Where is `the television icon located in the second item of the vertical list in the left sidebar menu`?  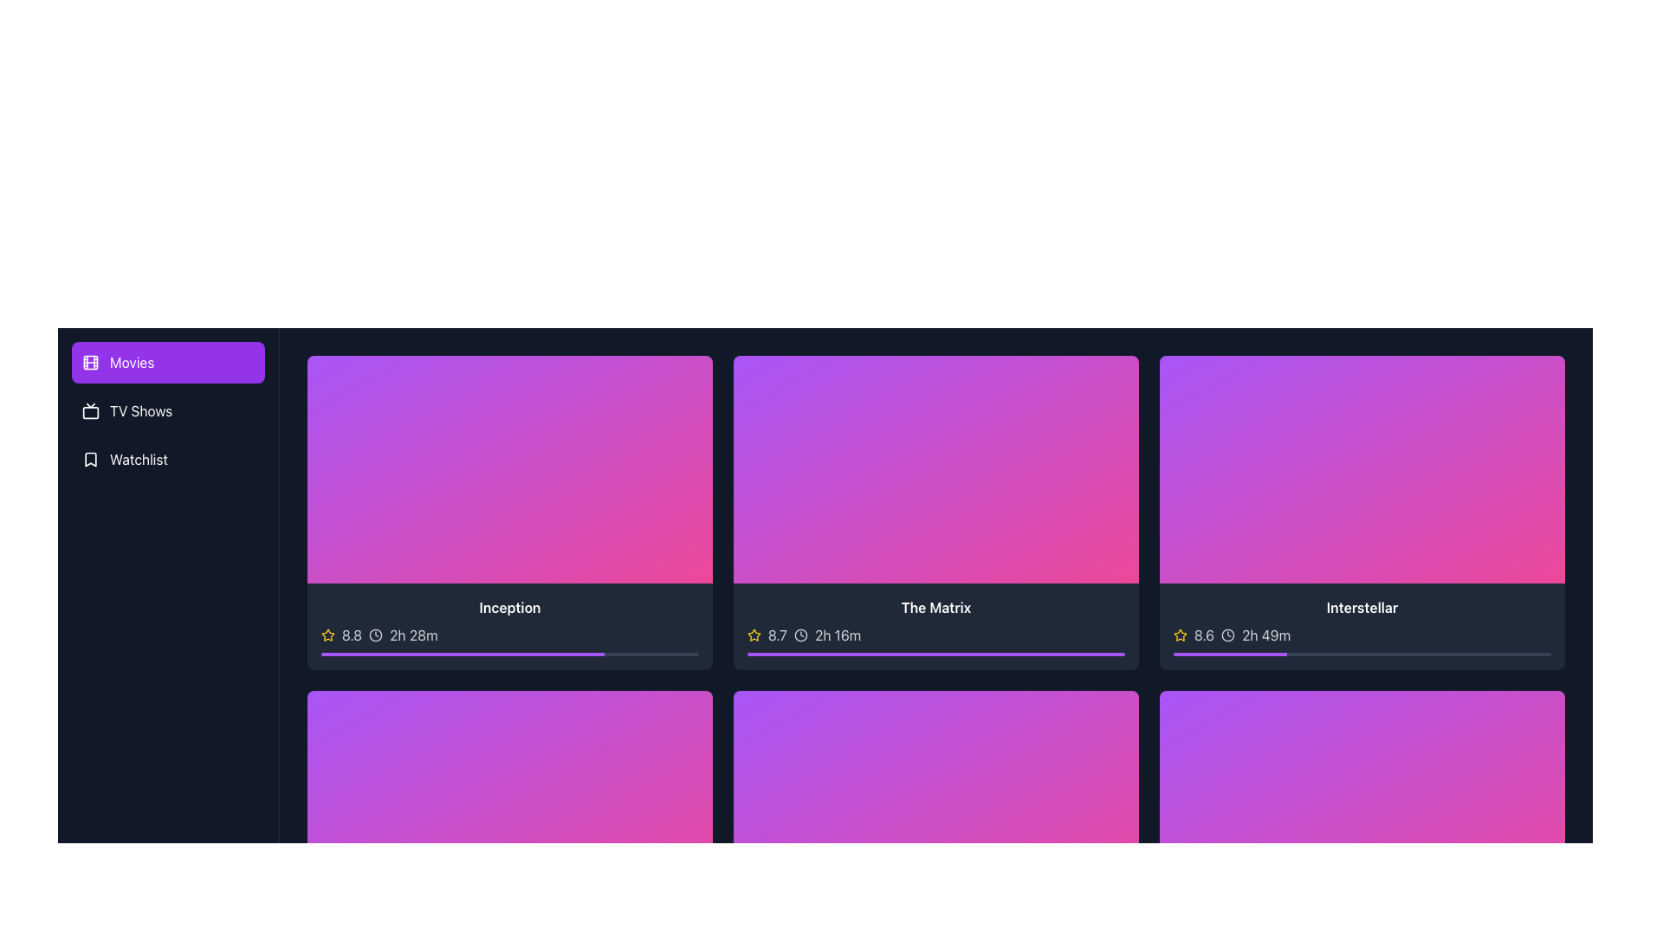 the television icon located in the second item of the vertical list in the left sidebar menu is located at coordinates (90, 410).